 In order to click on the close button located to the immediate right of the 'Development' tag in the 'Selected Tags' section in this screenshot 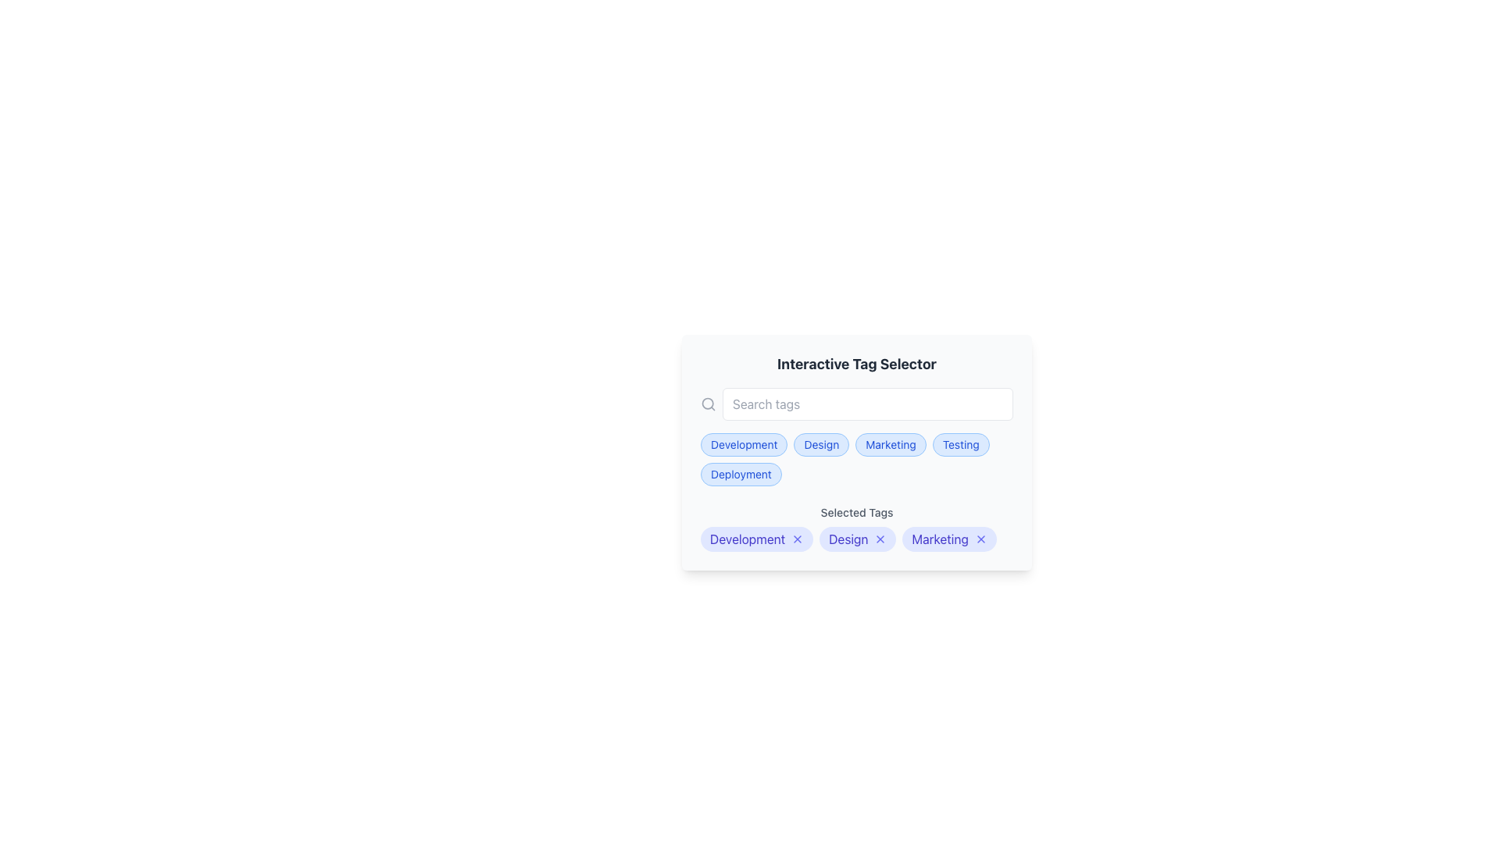, I will do `click(798, 538)`.